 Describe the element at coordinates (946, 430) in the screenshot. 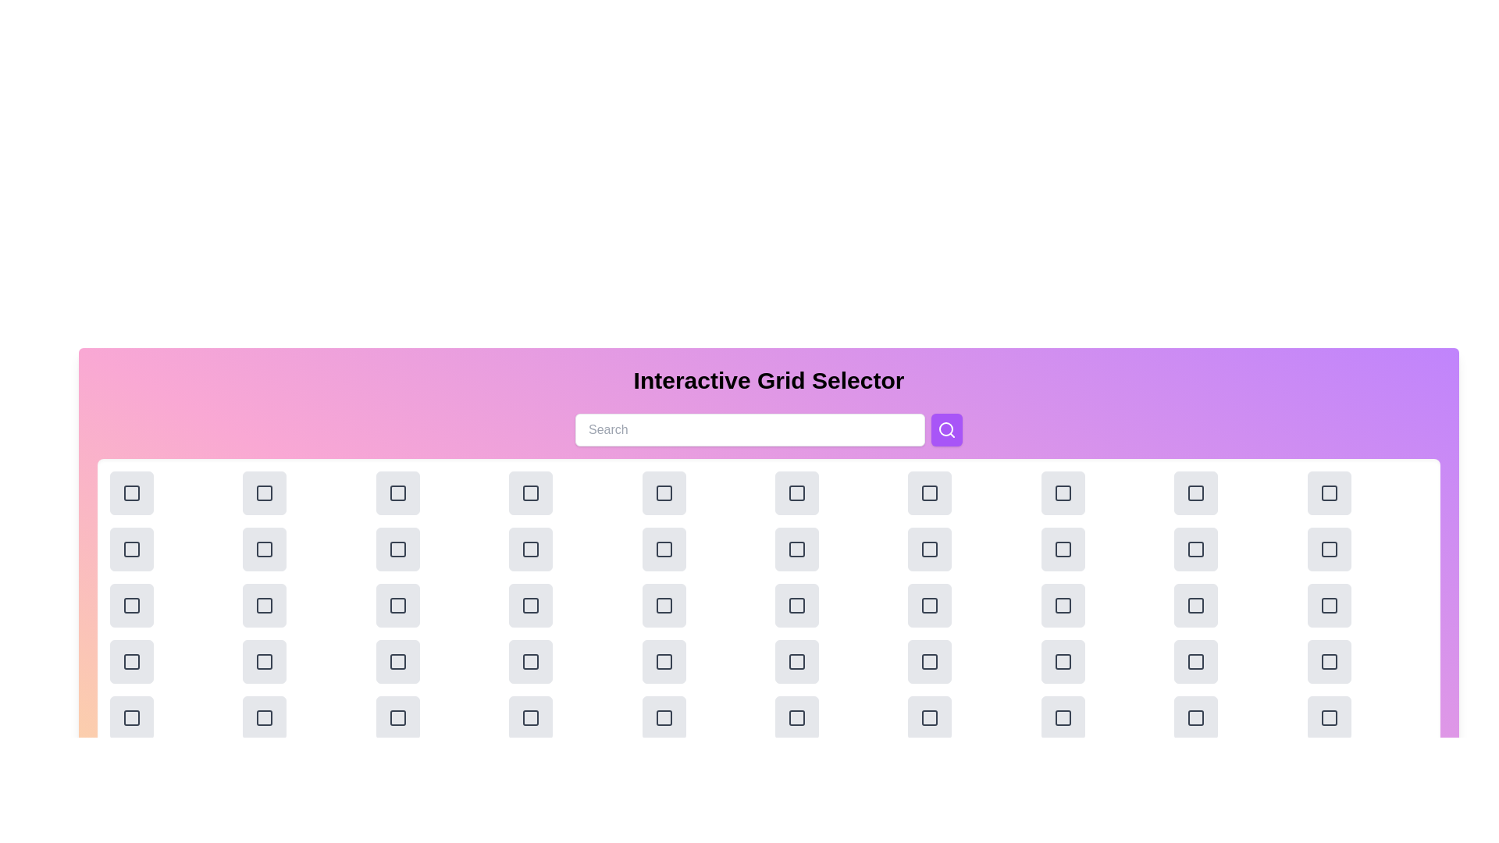

I see `the search button` at that location.